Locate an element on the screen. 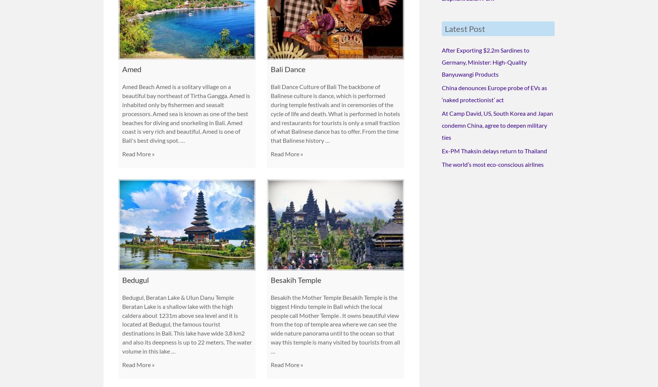  'Latest Post' is located at coordinates (465, 27).